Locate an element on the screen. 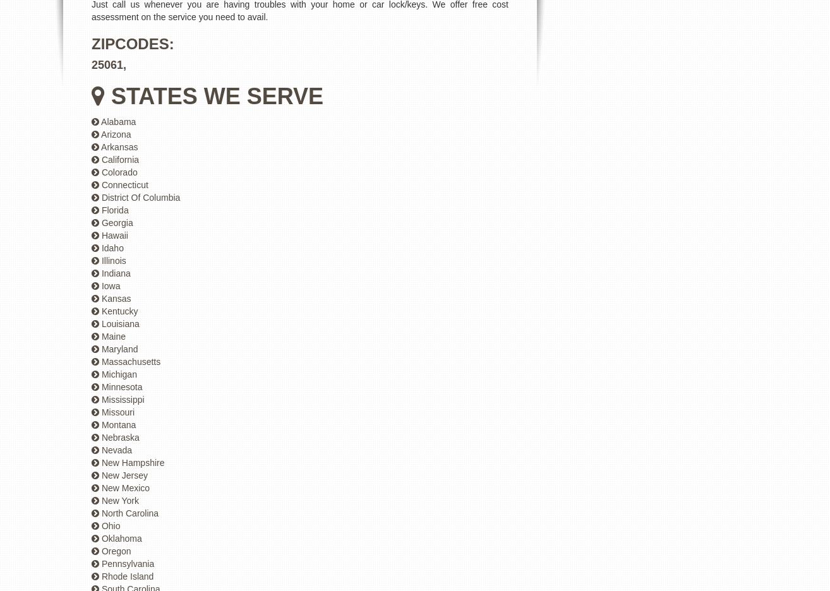  'California' is located at coordinates (119, 159).